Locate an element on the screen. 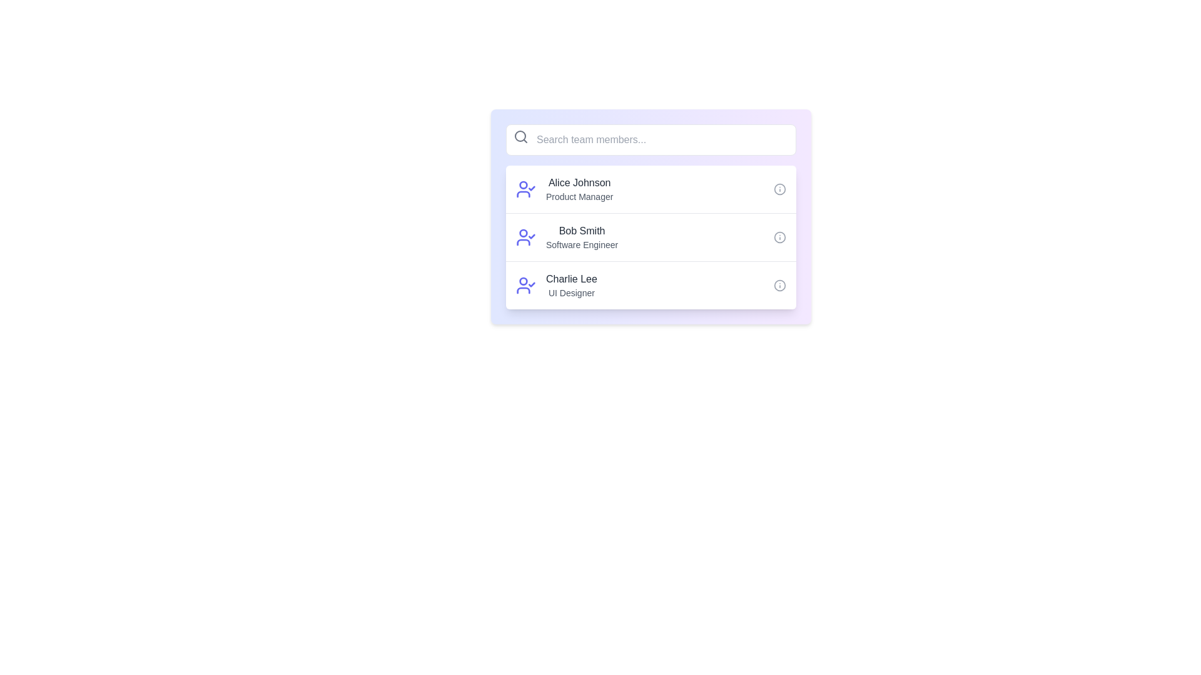  graphical line element that is part of the SVG icon representing a human silhouette with a checkmark, located in the third row of the list layout containing 'Charlie Lee' and 'UI Designer' is located at coordinates (523, 291).